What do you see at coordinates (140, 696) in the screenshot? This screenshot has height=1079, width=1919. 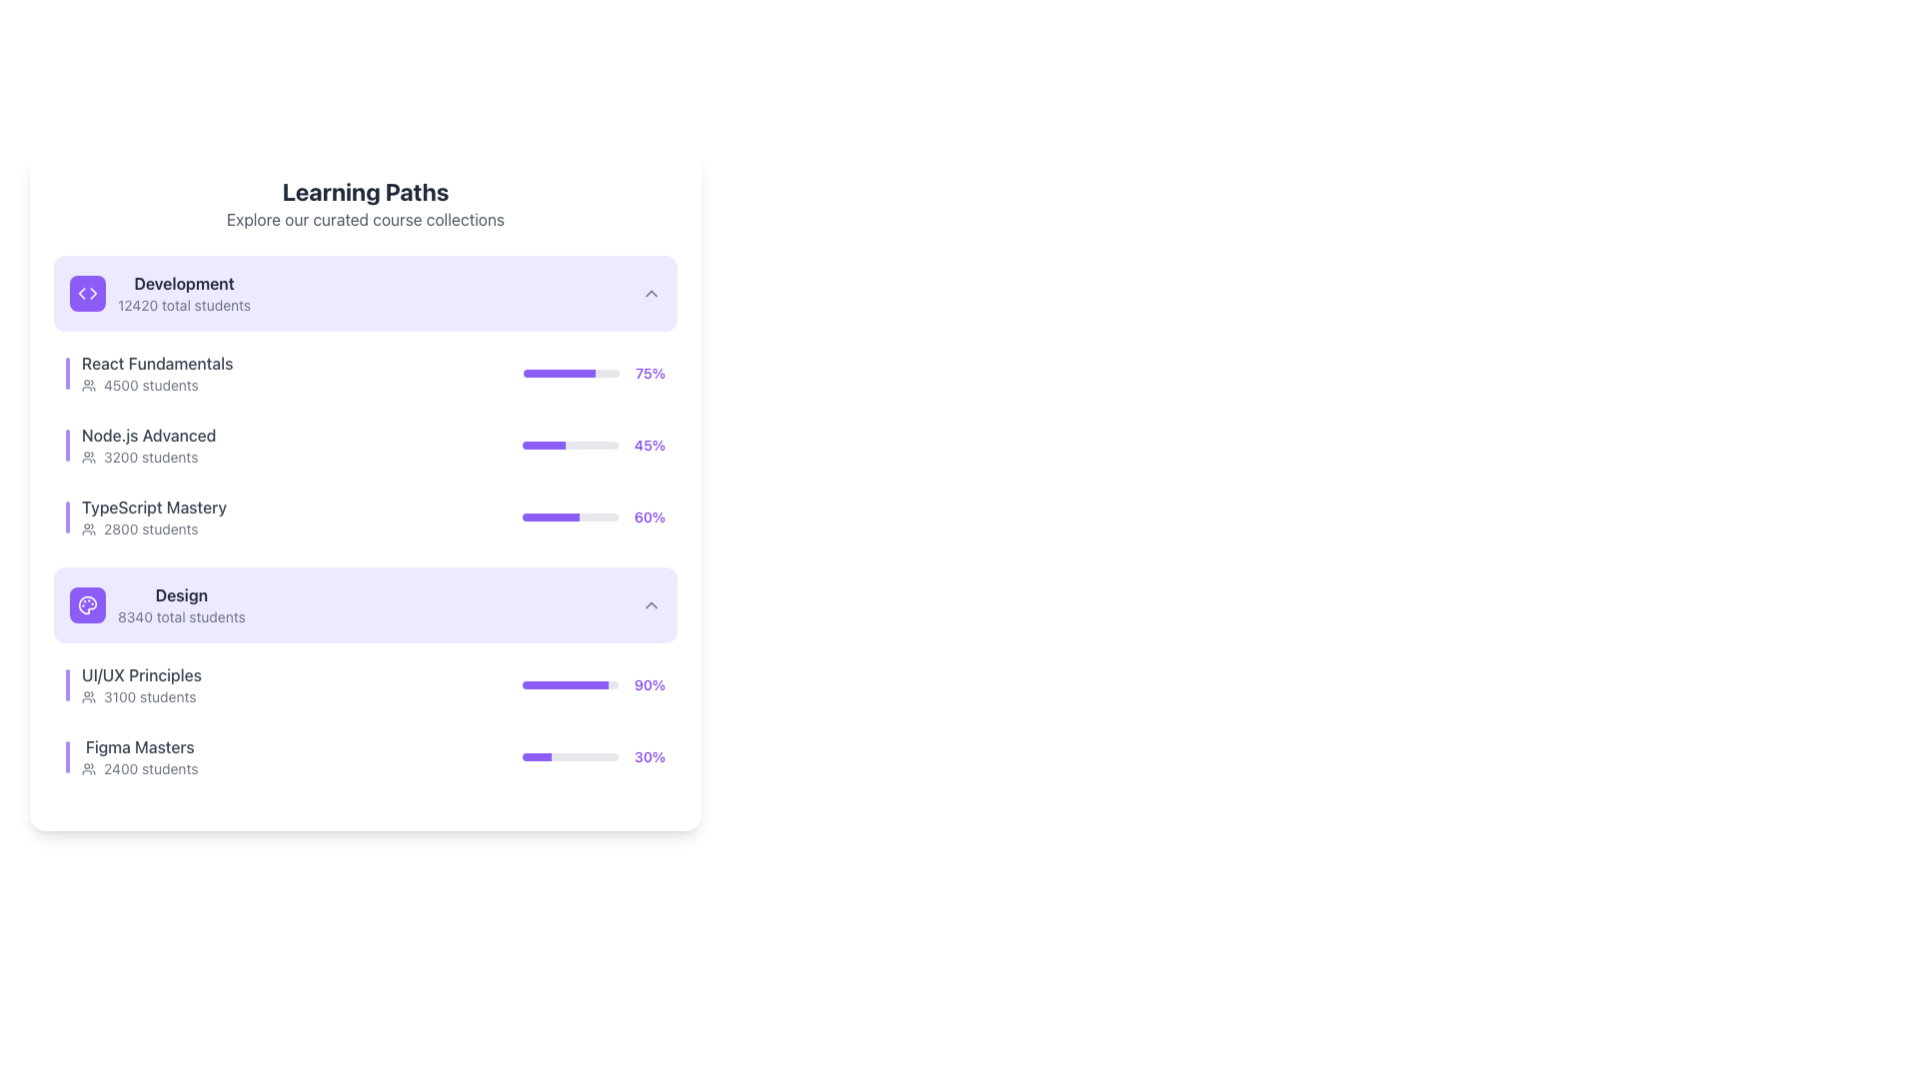 I see `text label displaying '3100 students', which is formatted in a small gray font and located in the 'UI/UX Principles' sub-section of the 'Design' section, below the section header and adjacent to a progress bar` at bounding box center [140, 696].